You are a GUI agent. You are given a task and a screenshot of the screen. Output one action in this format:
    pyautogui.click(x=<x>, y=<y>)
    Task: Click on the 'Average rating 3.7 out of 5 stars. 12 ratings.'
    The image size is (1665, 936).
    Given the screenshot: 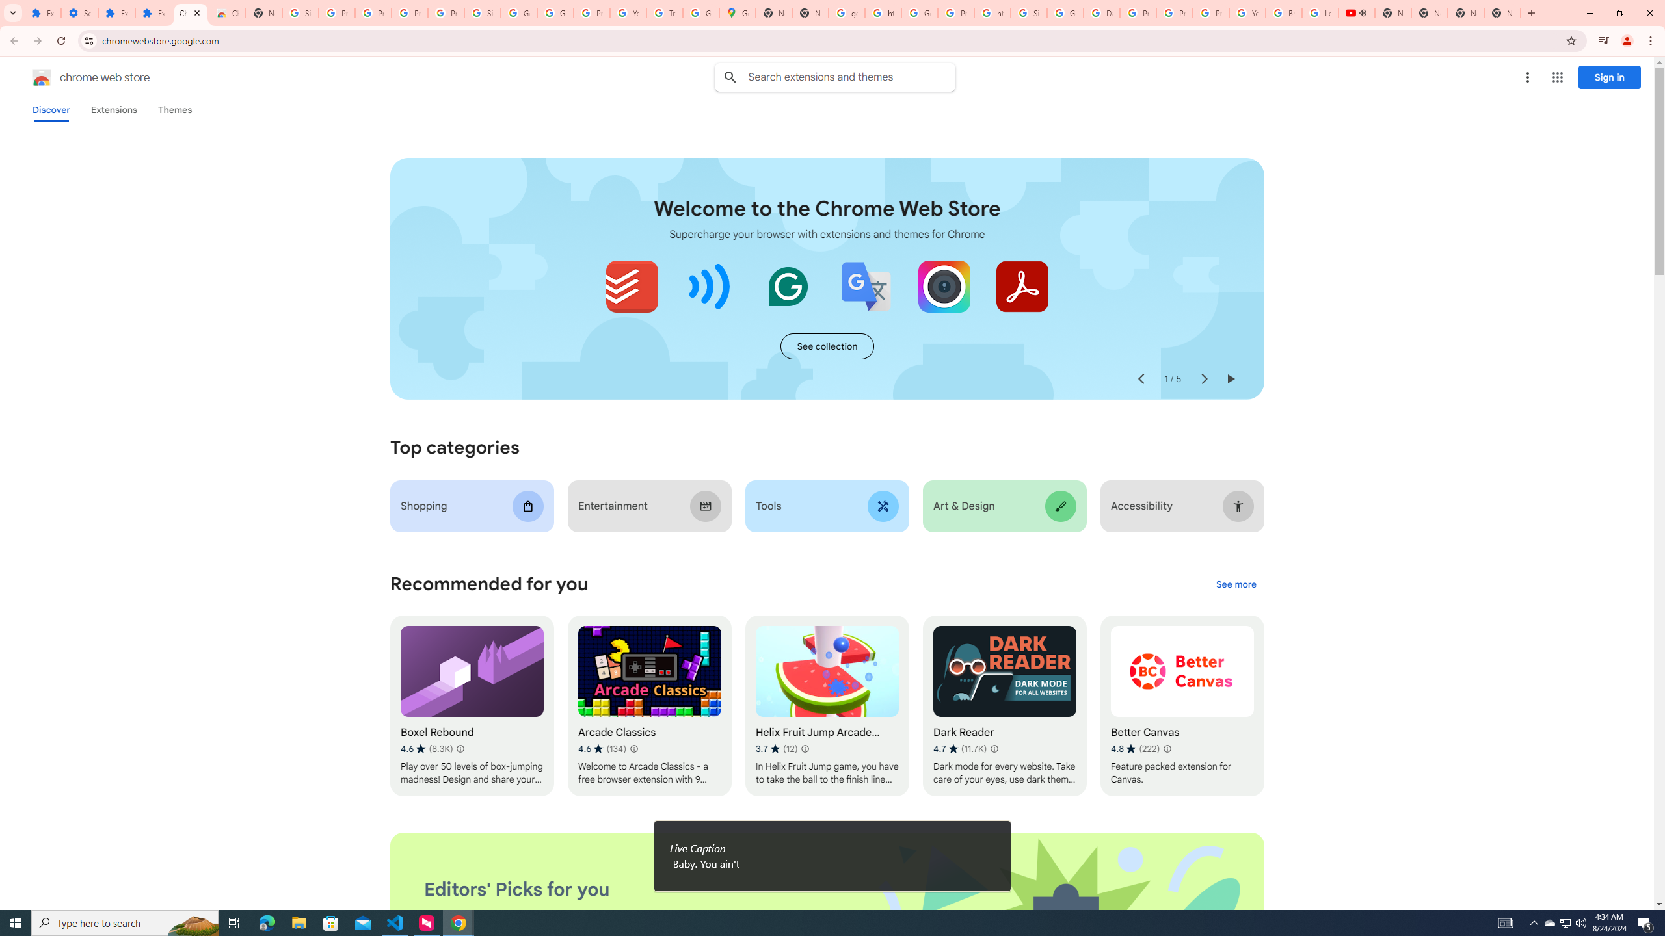 What is the action you would take?
    pyautogui.click(x=777, y=749)
    